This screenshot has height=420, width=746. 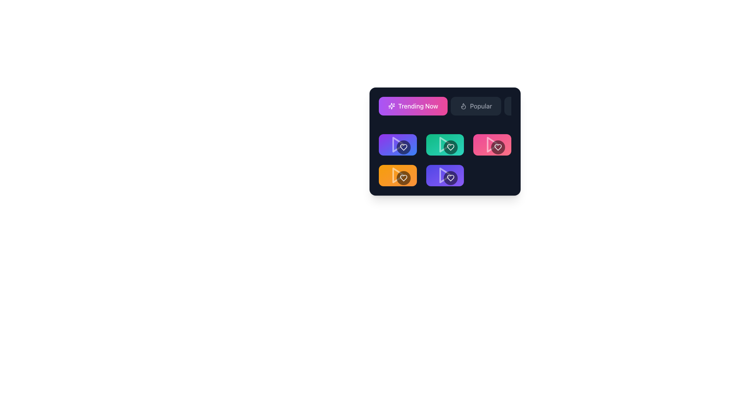 What do you see at coordinates (498, 147) in the screenshot?
I see `the circular heart button located at the top-right corner of the third card in the grid layout to like or favorite` at bounding box center [498, 147].